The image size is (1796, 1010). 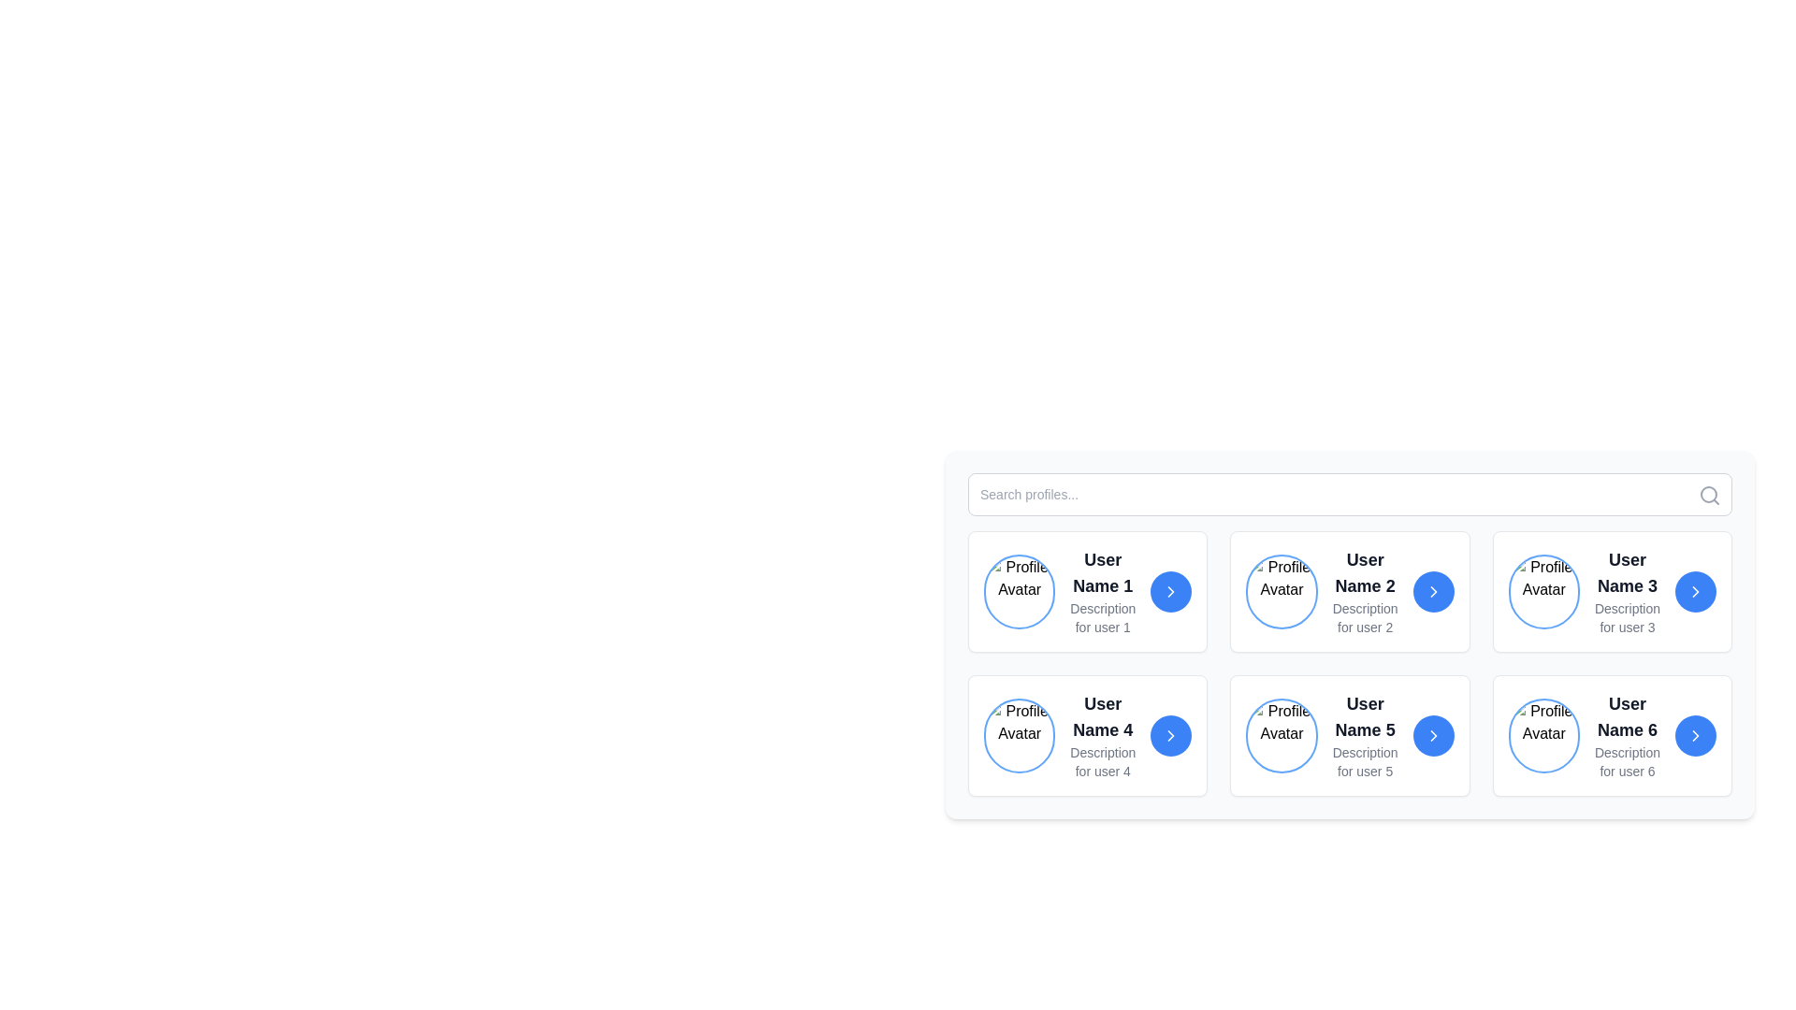 I want to click on the rounded blue button with white text and a rightward arrow icon located in the bottom-right section of the card for 'User Name 4', so click(x=1170, y=734).